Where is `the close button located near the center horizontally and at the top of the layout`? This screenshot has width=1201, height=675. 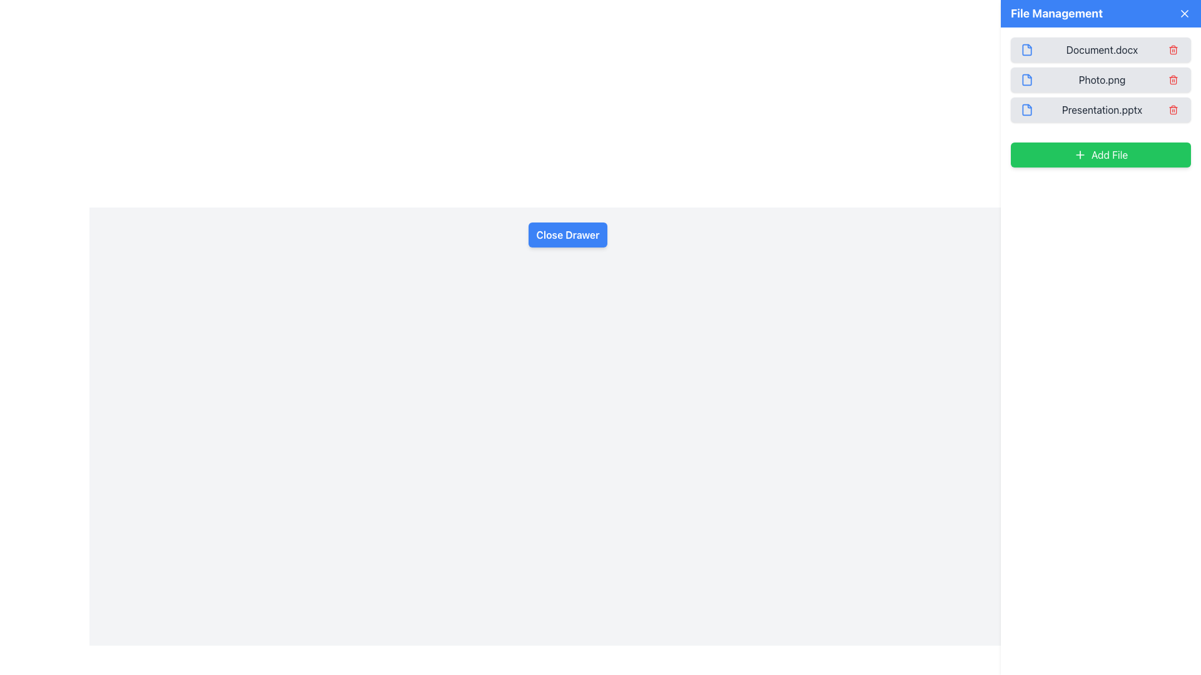
the close button located near the center horizontally and at the top of the layout is located at coordinates (567, 234).